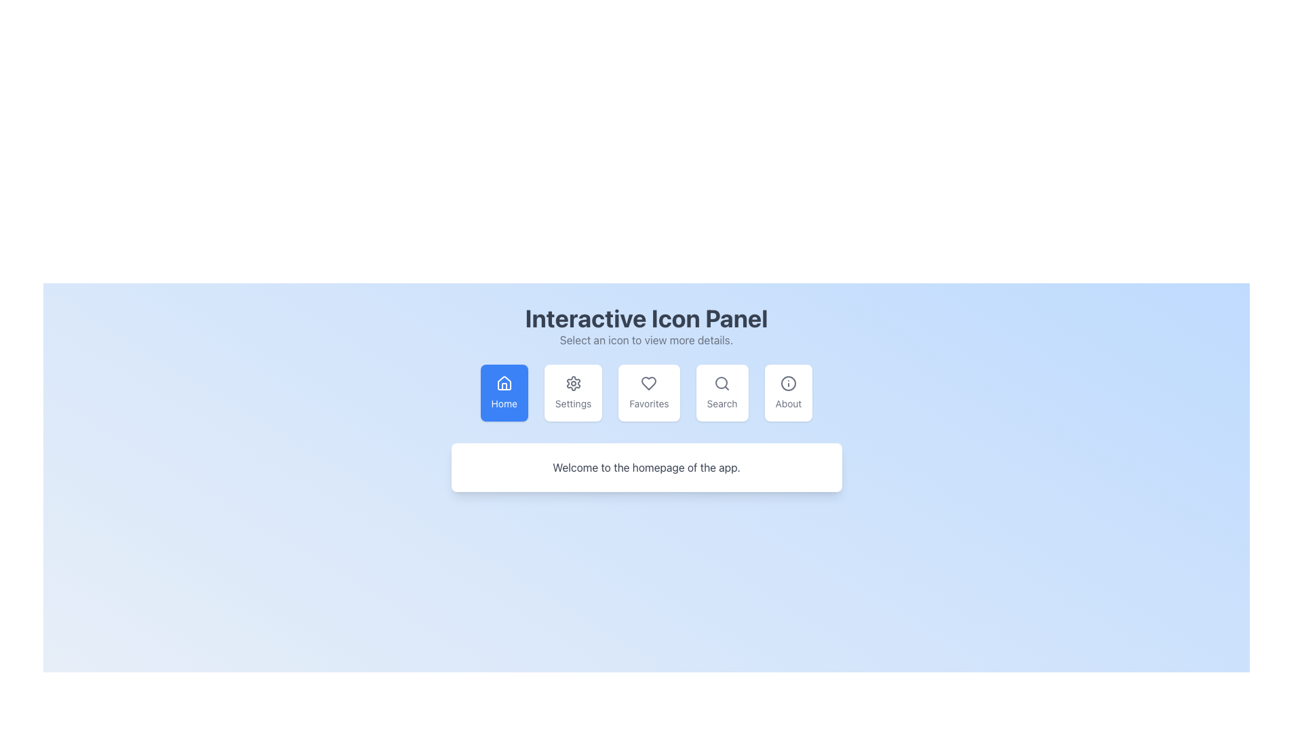 The height and width of the screenshot is (732, 1302). I want to click on the settings button, which is the second button in a horizontal row of five buttons, located between the 'Home' button and the 'Favorites' button, to observe the hover effects, so click(573, 392).